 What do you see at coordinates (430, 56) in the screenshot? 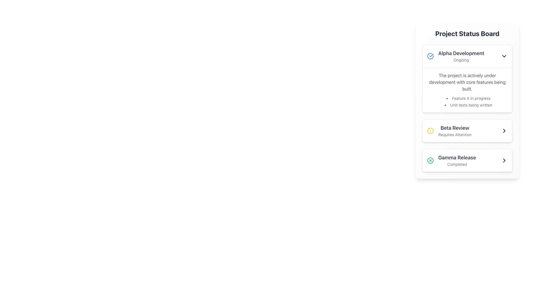
I see `the circular blue checkmark icon located to the left of the text 'Alpha Development' at the top of the card` at bounding box center [430, 56].